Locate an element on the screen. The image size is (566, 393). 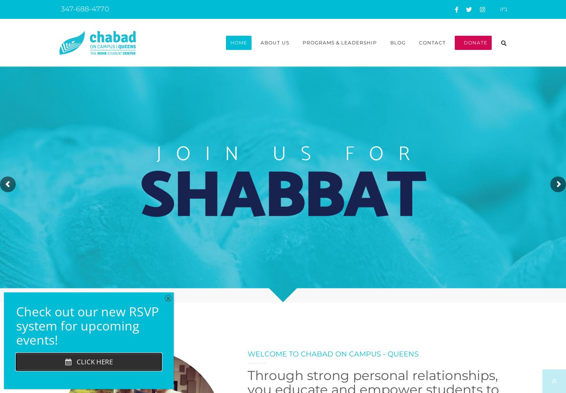
'Donate' is located at coordinates (472, 42).